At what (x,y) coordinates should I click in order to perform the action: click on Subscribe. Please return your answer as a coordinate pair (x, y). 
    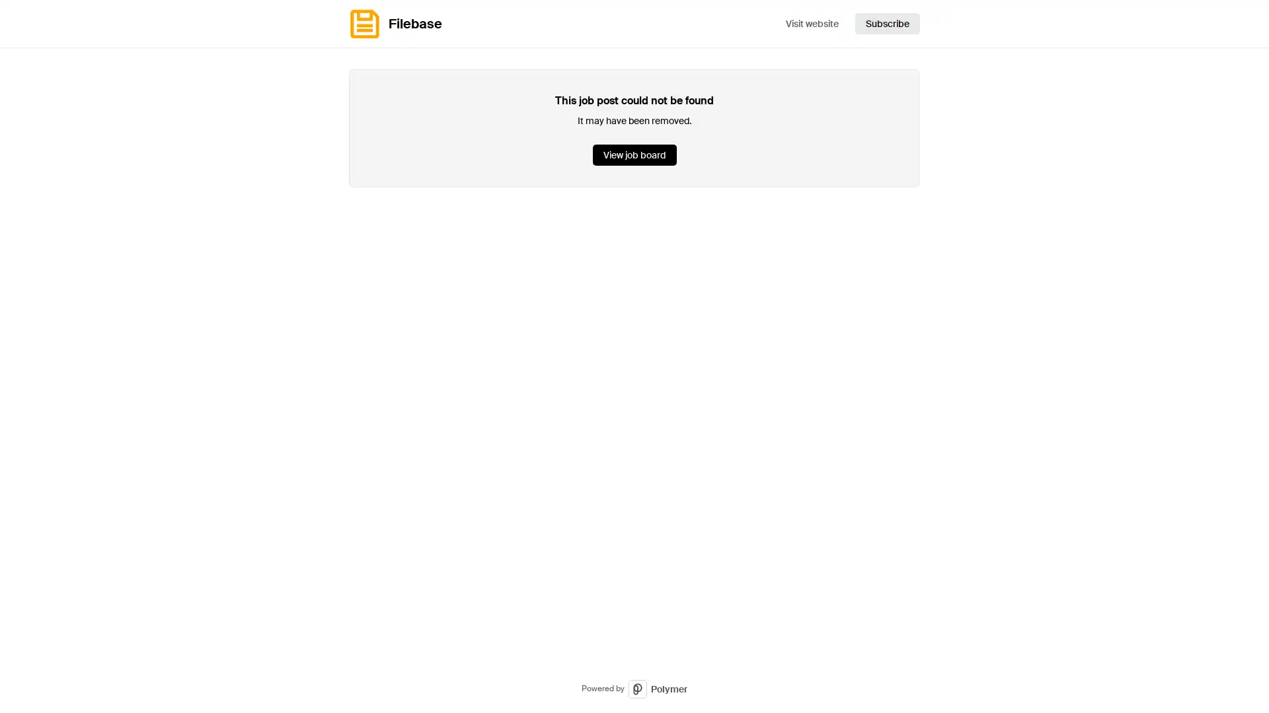
    Looking at the image, I should click on (888, 23).